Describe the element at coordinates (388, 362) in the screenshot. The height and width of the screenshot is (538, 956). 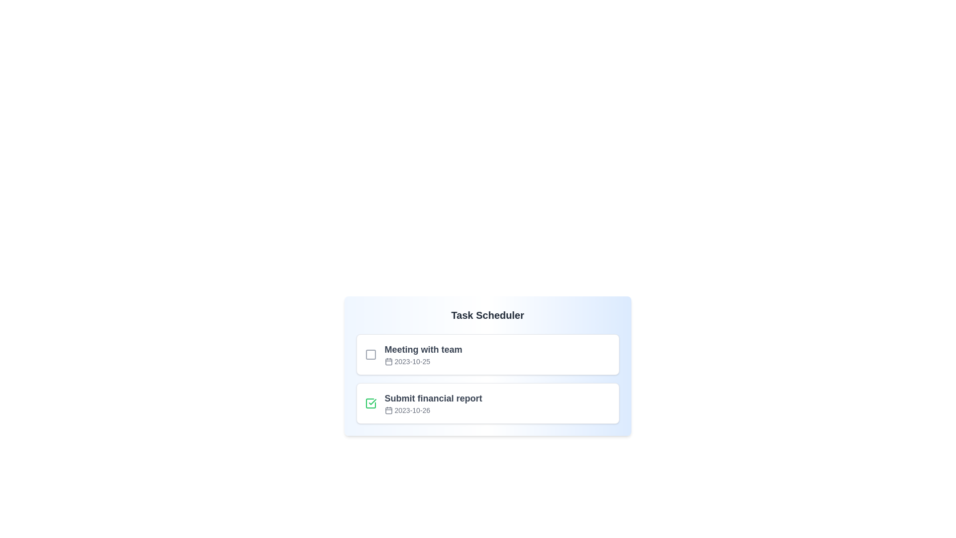
I see `the rectangular element of the calendar icon, which has rounded corners and is styled with a fill color, located beside the date text '2023-10-25'` at that location.